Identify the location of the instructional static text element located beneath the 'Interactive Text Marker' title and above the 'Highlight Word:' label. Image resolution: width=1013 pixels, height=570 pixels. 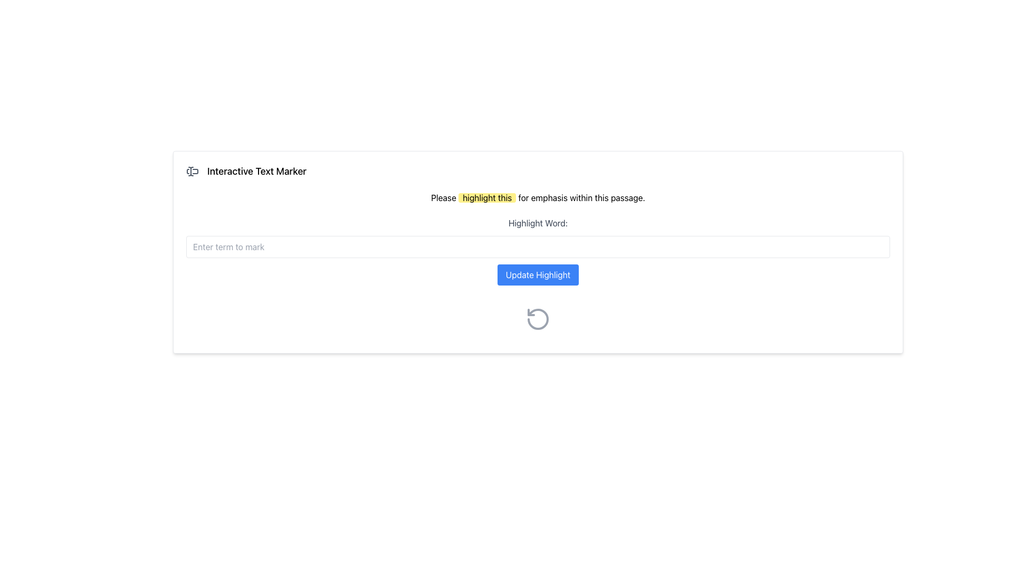
(538, 197).